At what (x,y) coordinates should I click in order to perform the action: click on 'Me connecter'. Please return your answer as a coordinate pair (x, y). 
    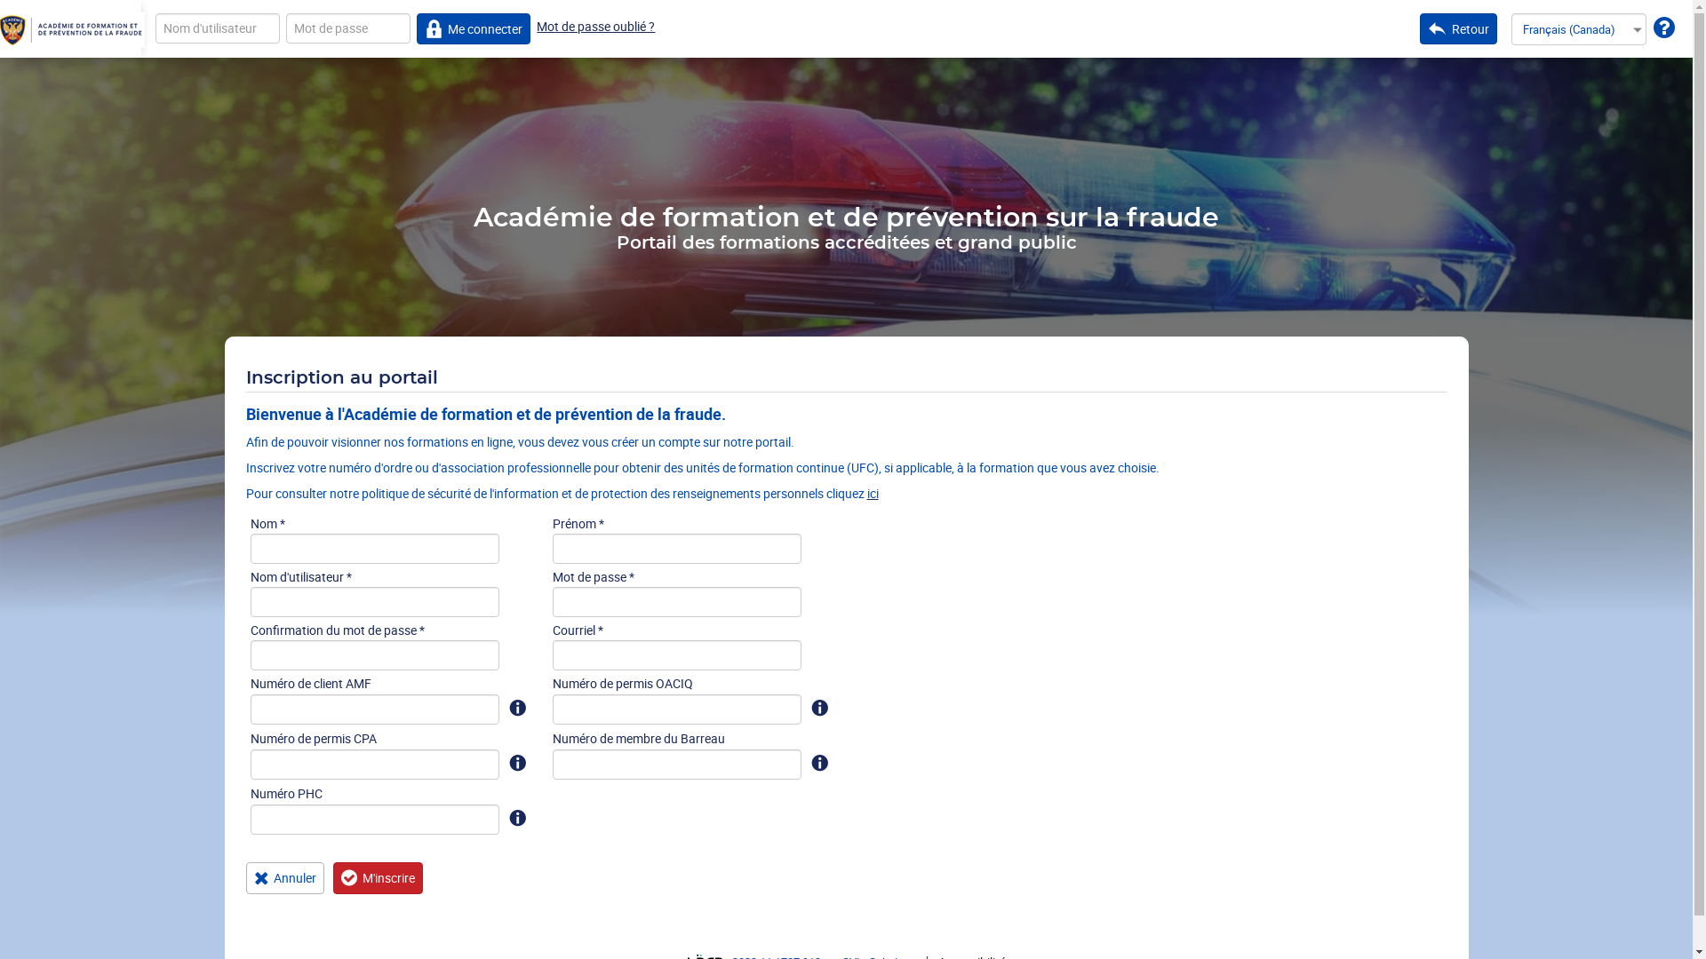
    Looking at the image, I should click on (474, 28).